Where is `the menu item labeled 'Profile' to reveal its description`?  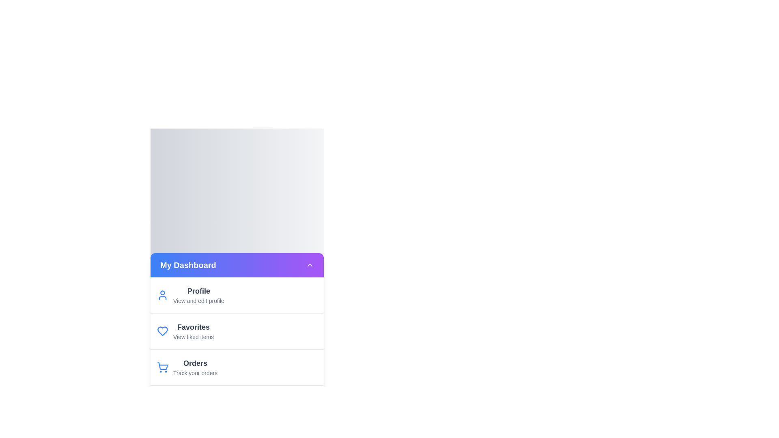 the menu item labeled 'Profile' to reveal its description is located at coordinates (198, 290).